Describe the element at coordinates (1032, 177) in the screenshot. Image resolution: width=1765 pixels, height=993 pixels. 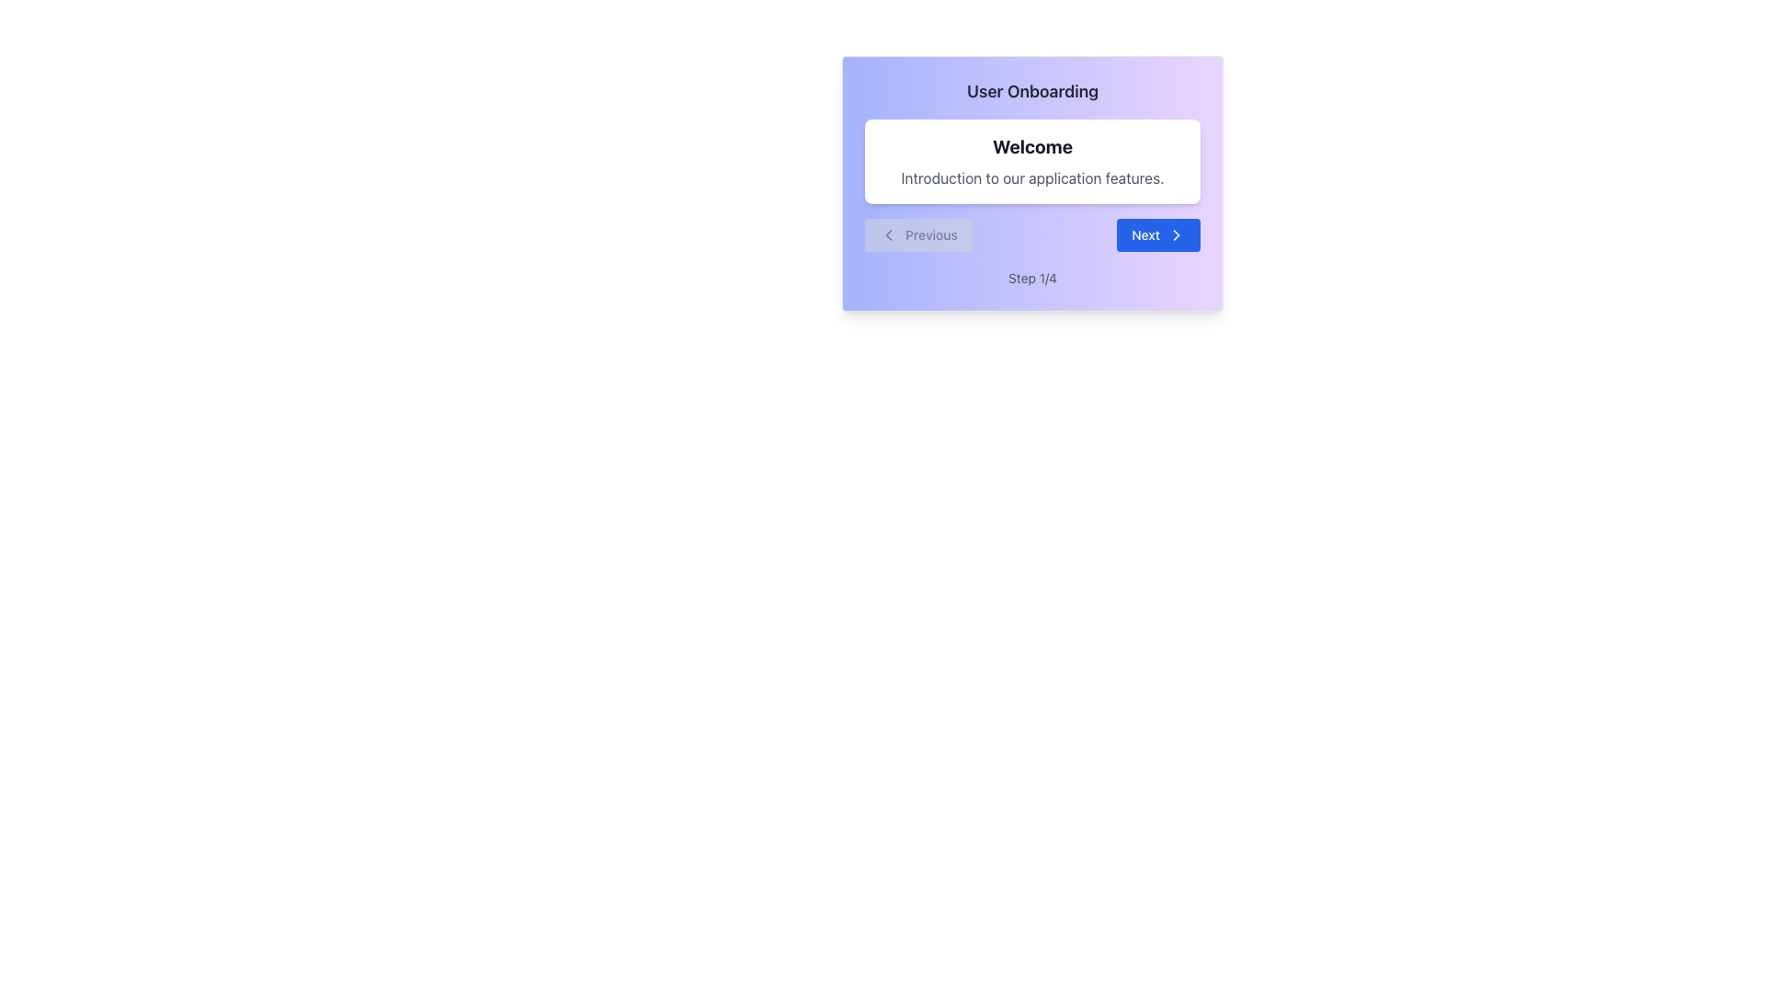
I see `the text element that reads 'Introduction to our application features.', which is styled in light gray and is located below the 'Welcome' heading in a white rectangular section` at that location.